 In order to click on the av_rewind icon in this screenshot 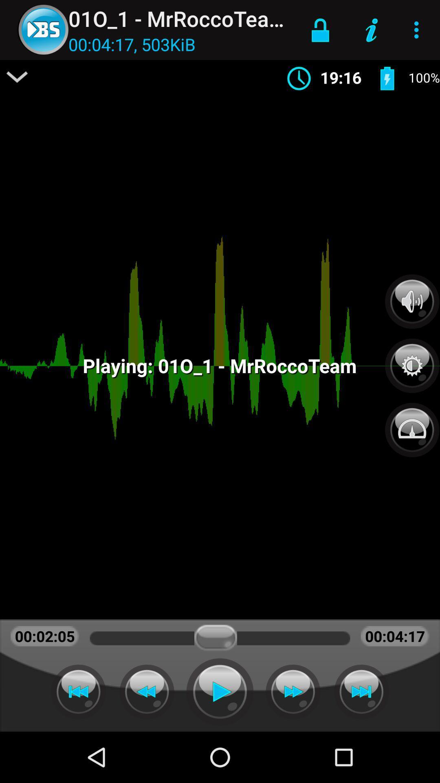, I will do `click(147, 691)`.